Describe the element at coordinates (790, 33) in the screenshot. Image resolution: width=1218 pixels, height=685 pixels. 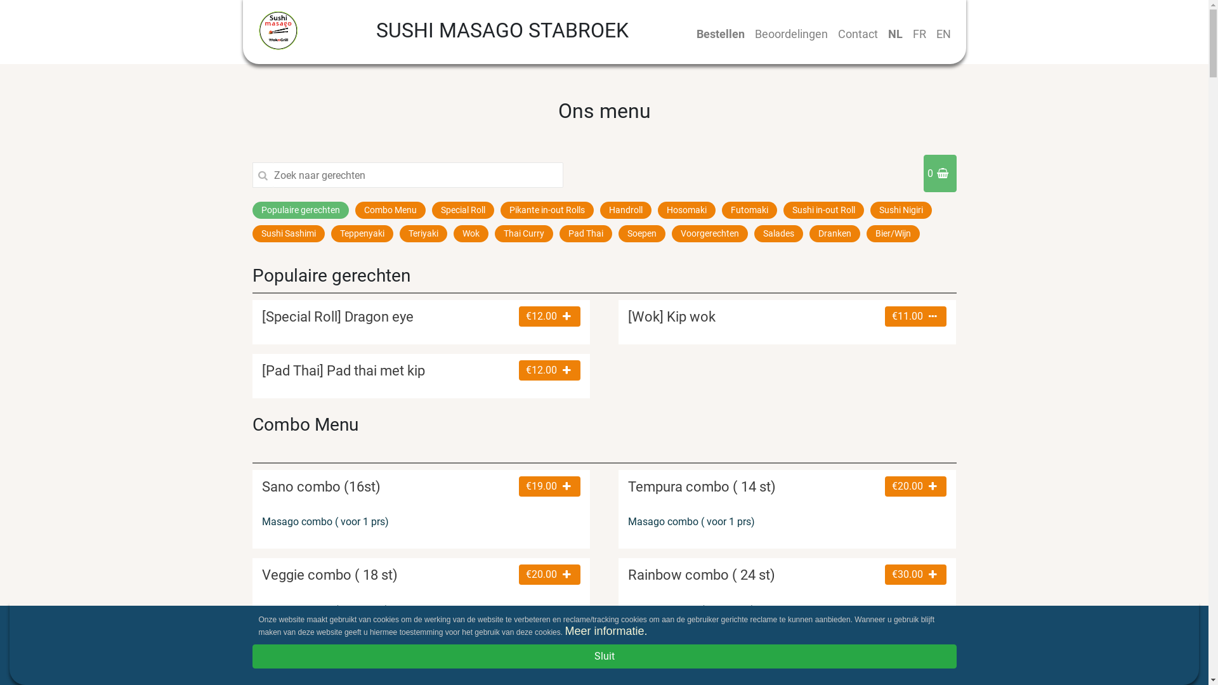
I see `'Beoordelingen'` at that location.